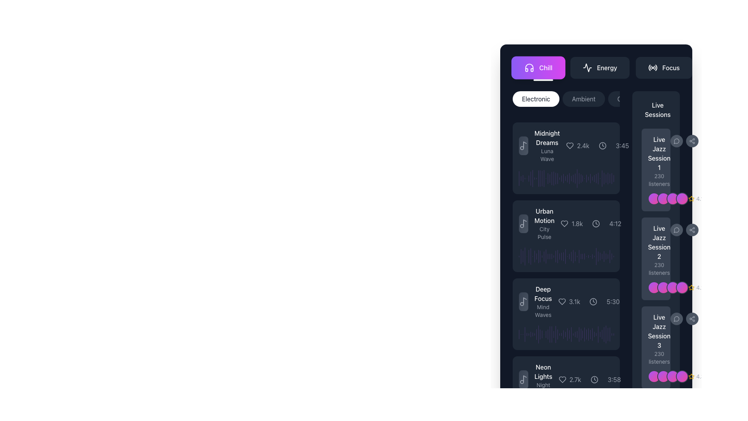 The height and width of the screenshot is (421, 748). Describe the element at coordinates (547, 155) in the screenshot. I see `the static text label that provides additional context for the title 'Midnight Dreams', located in the left sidebar interface panel` at that location.